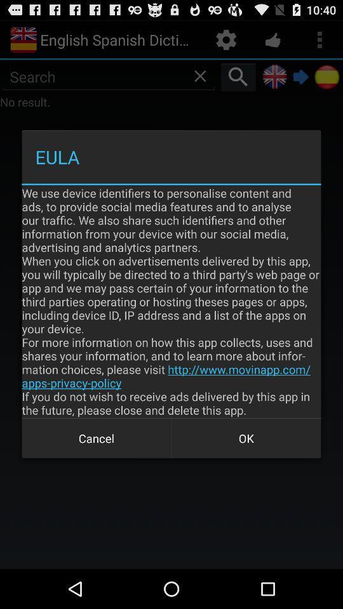  Describe the element at coordinates (171, 301) in the screenshot. I see `we use device app` at that location.